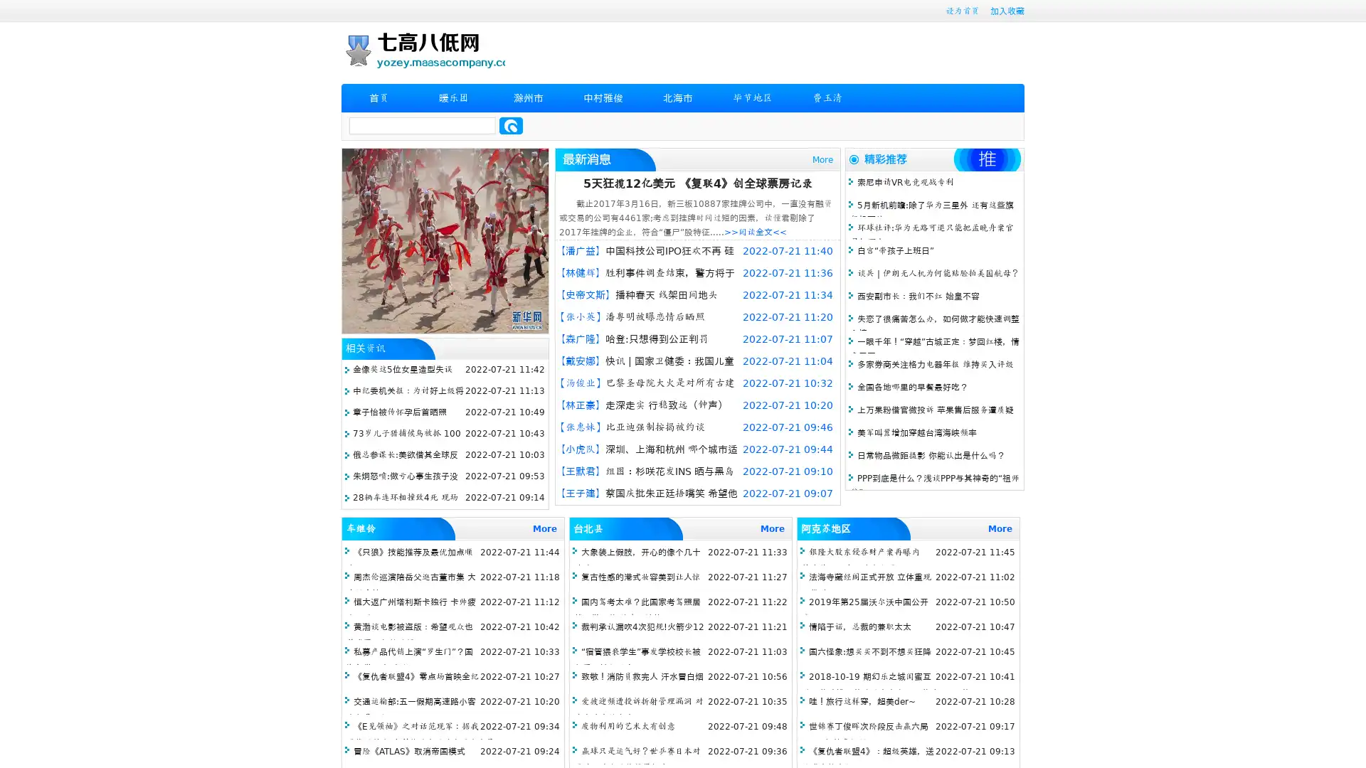  I want to click on Search, so click(511, 125).